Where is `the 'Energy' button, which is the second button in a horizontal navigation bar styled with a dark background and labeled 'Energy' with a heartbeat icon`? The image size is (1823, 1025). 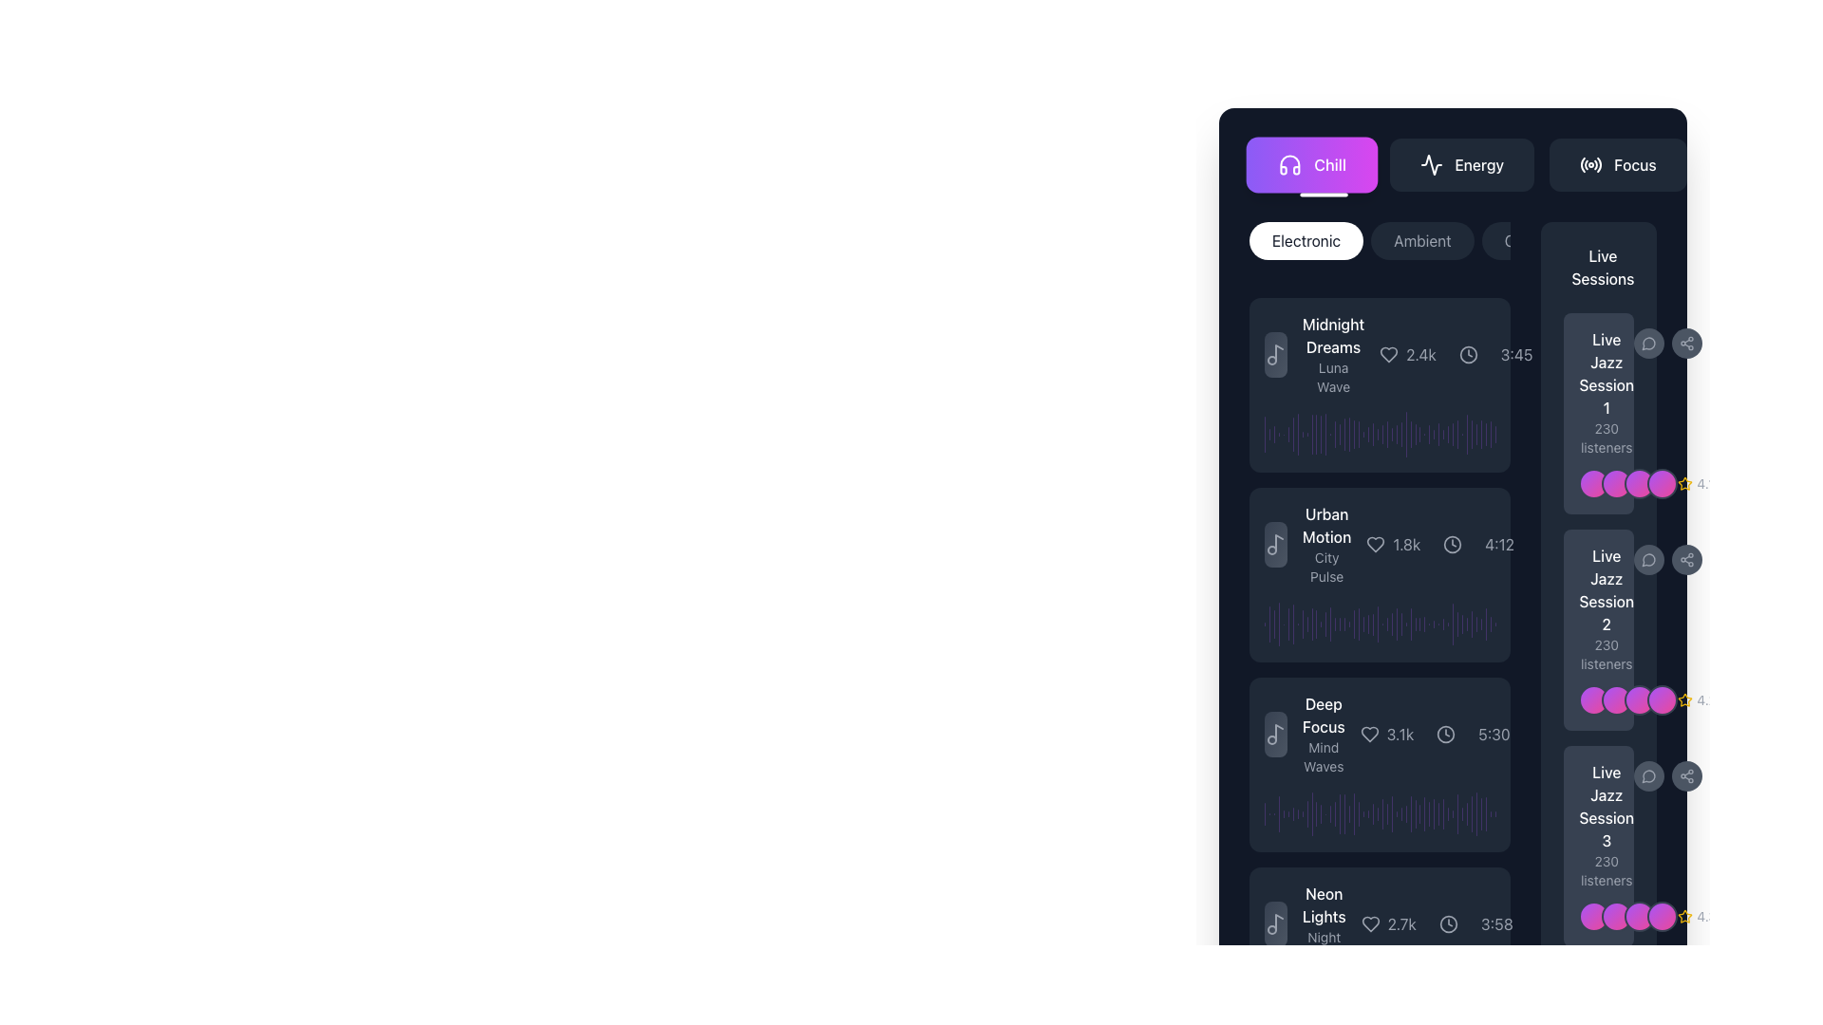 the 'Energy' button, which is the second button in a horizontal navigation bar styled with a dark background and labeled 'Energy' with a heartbeat icon is located at coordinates (1452, 163).